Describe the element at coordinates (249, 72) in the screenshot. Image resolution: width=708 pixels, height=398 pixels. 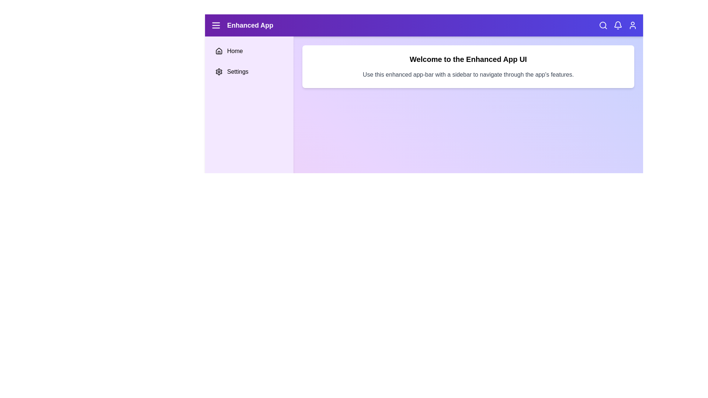
I see `the sidebar option labeled Settings to navigate to the respective section` at that location.